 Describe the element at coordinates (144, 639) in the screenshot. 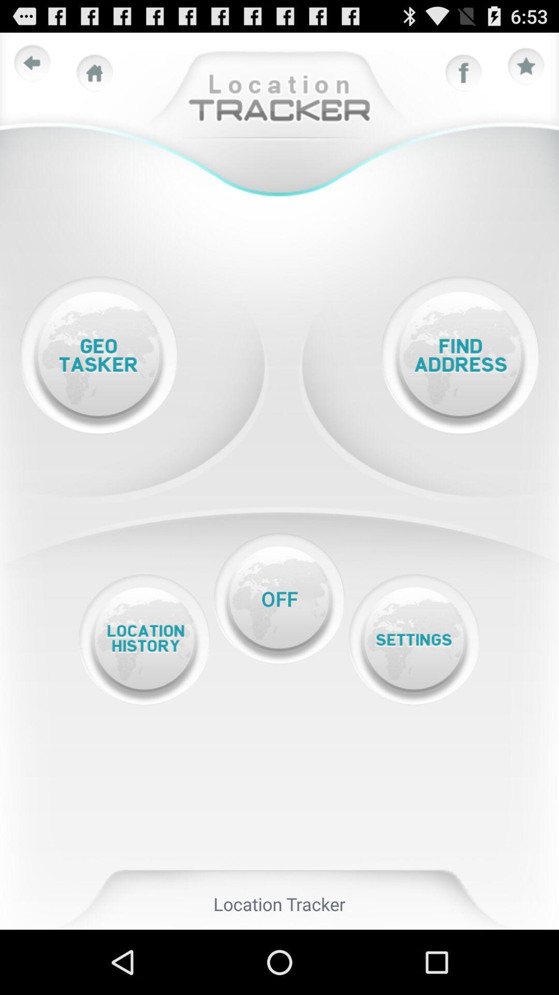

I see `location history` at that location.